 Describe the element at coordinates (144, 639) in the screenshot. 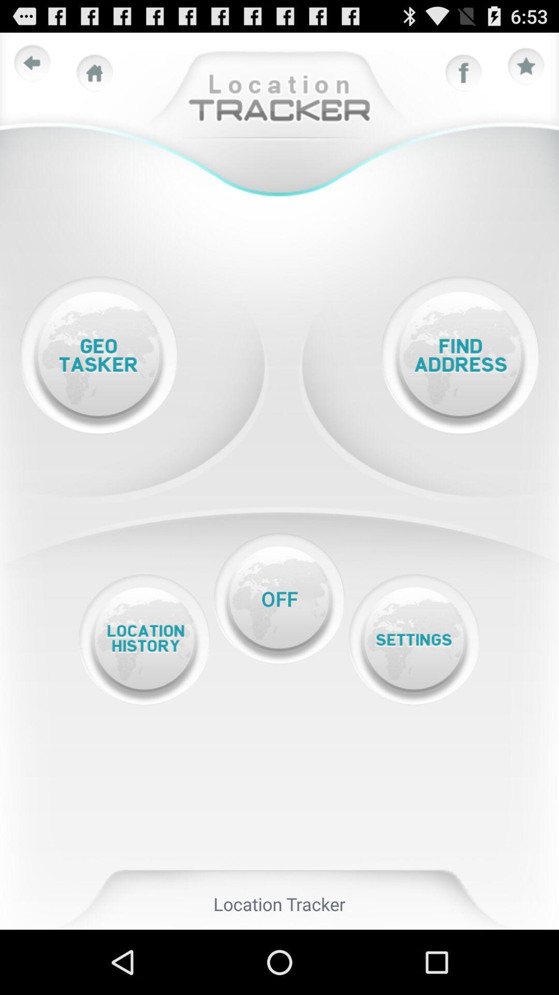

I see `location history` at that location.